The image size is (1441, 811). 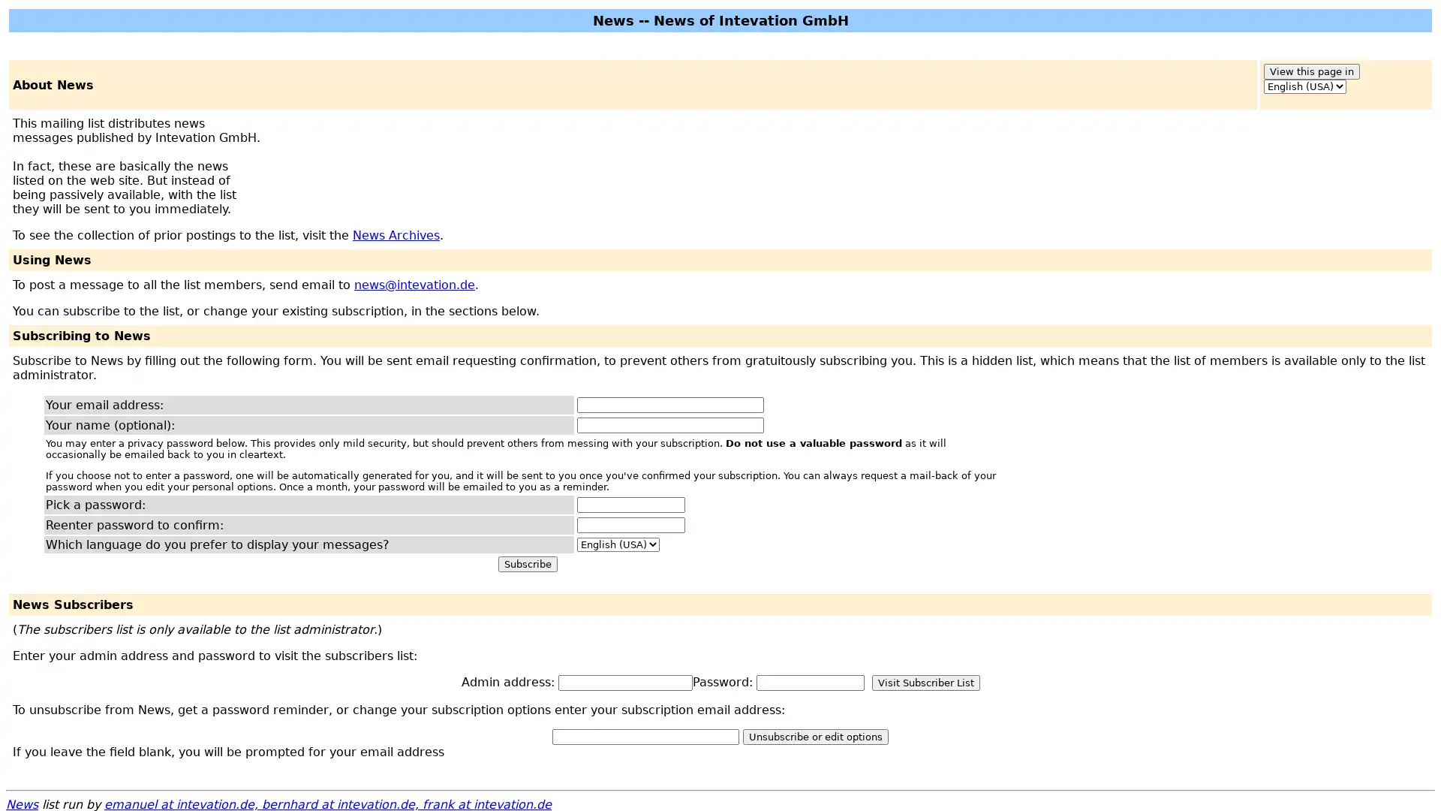 What do you see at coordinates (1310, 71) in the screenshot?
I see `View this page in` at bounding box center [1310, 71].